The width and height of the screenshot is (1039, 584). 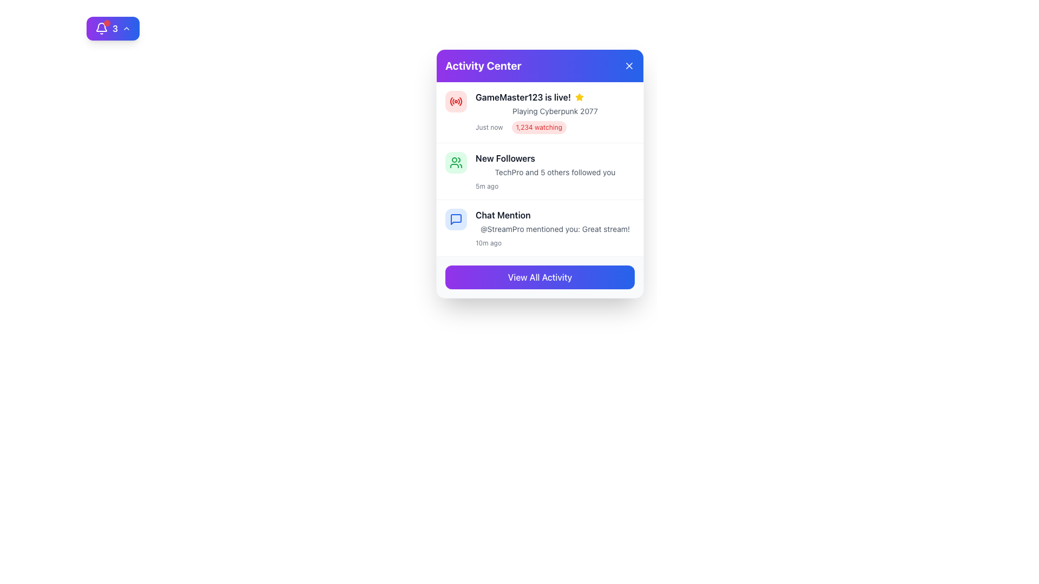 What do you see at coordinates (555, 170) in the screenshot?
I see `the Notification item that informs the user about new followers, located in the middle section of the 'Activity Center' panel, beneath the 'GameMaster123 is live!' notification and above the 'Chat Mention' notification` at bounding box center [555, 170].